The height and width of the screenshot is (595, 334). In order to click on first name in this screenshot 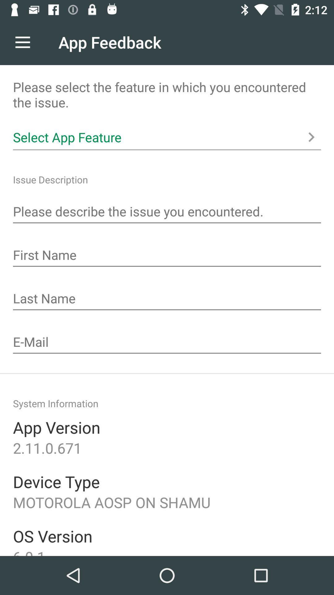, I will do `click(167, 256)`.